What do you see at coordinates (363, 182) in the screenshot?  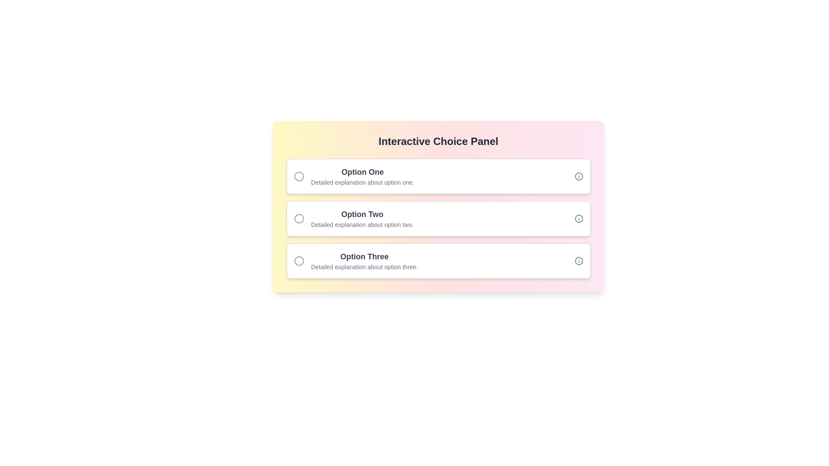 I see `the supplementary explanation text related to 'Option One' which is located below the title text in the first card of a list of three cards` at bounding box center [363, 182].